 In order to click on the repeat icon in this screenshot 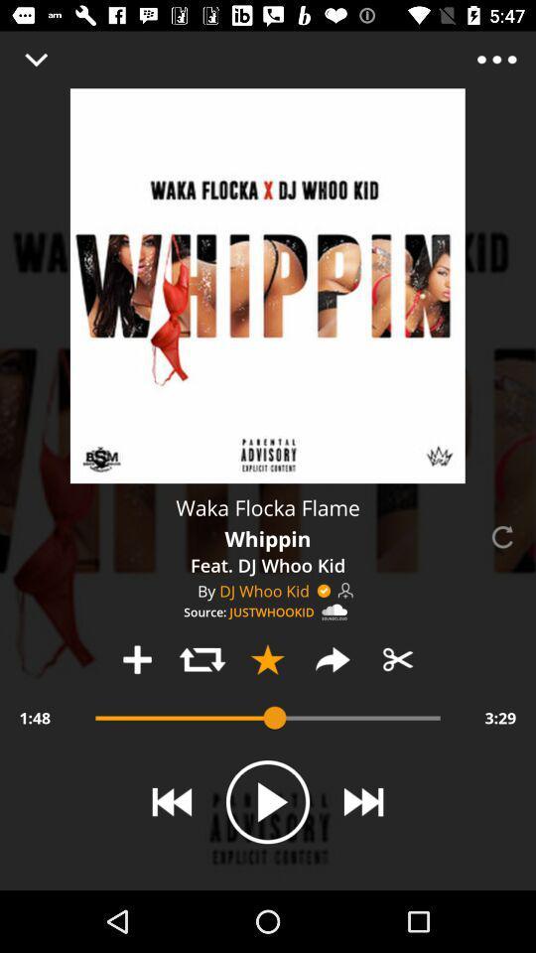, I will do `click(201, 659)`.